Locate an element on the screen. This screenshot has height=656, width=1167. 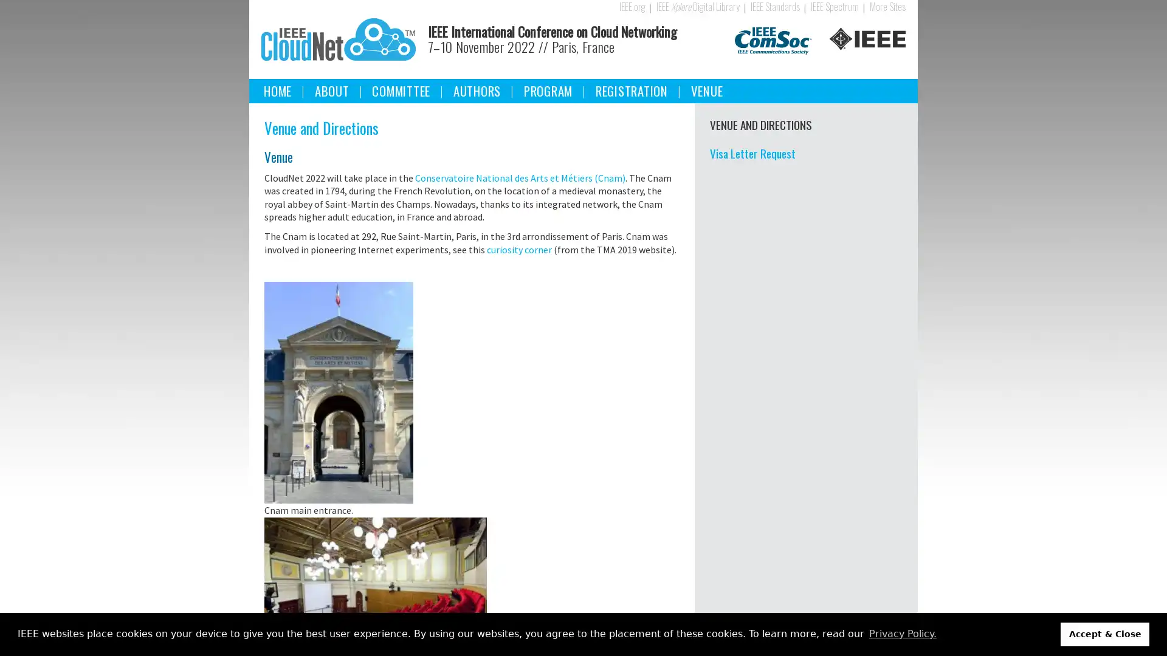
learn more about cookies is located at coordinates (902, 634).